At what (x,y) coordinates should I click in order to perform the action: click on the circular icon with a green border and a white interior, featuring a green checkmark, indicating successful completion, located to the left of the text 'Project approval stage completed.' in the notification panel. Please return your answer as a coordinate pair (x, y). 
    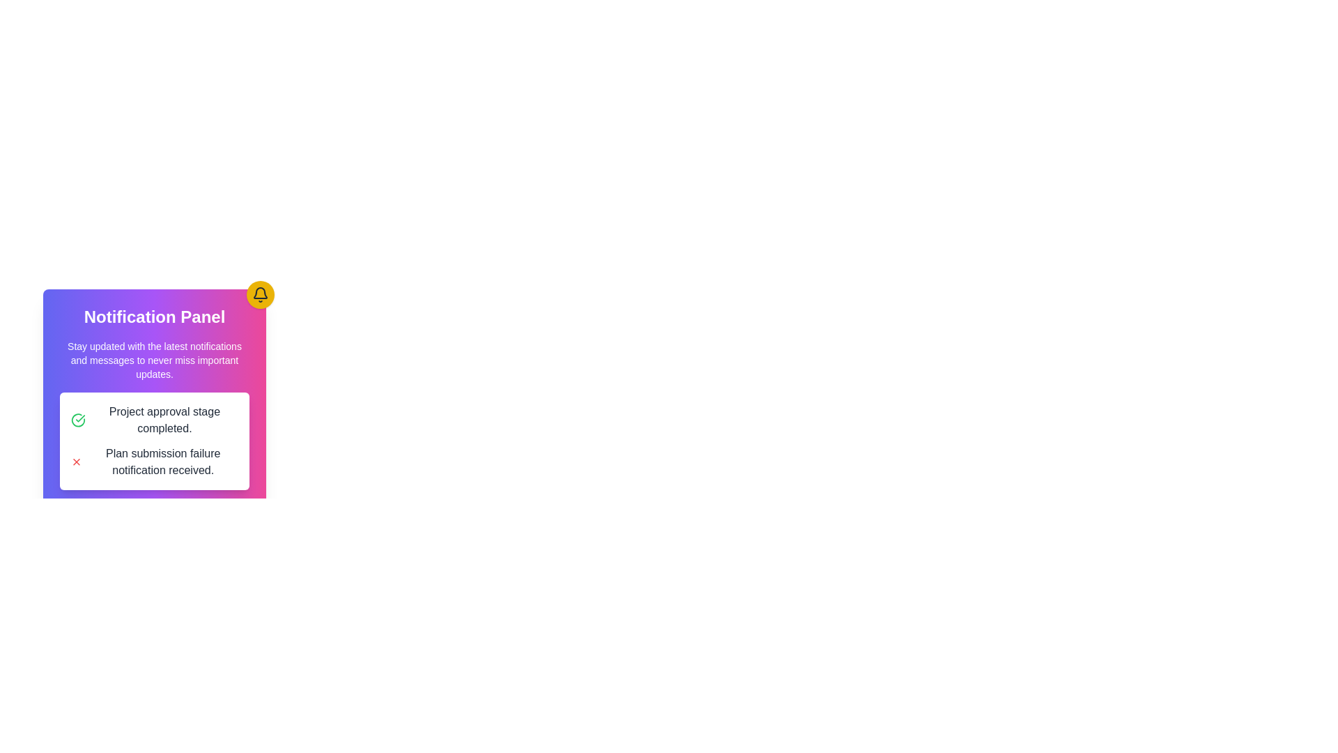
    Looking at the image, I should click on (77, 419).